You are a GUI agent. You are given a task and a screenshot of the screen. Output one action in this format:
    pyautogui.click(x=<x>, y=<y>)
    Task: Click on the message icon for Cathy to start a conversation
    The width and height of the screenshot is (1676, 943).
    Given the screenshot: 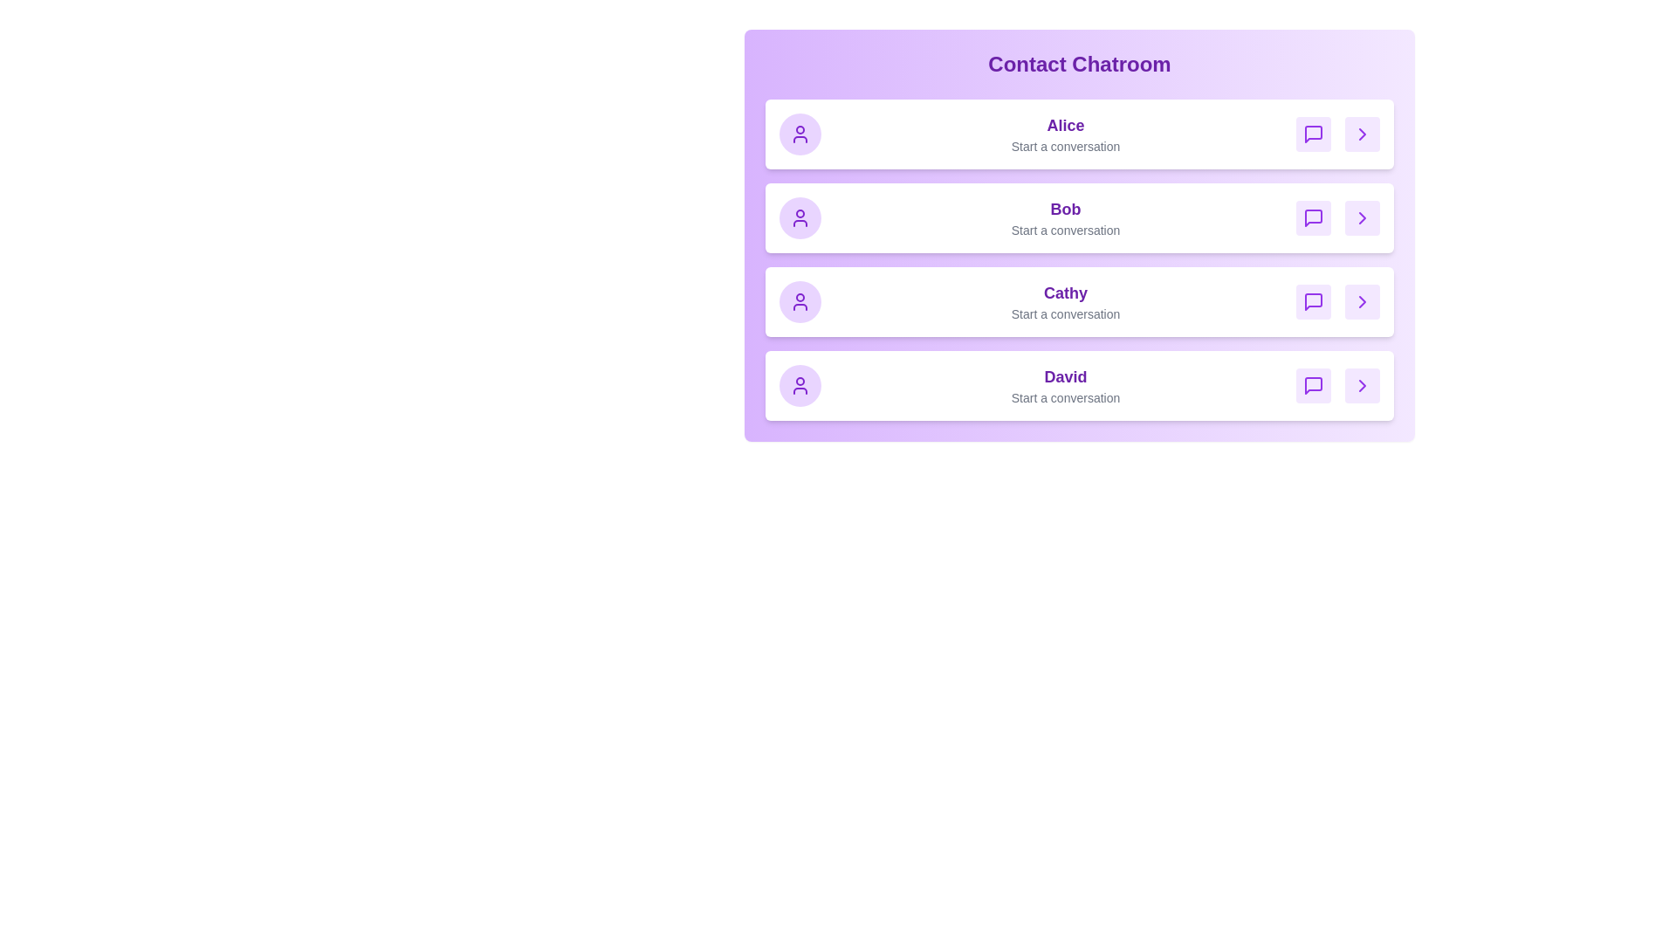 What is the action you would take?
    pyautogui.click(x=1314, y=301)
    